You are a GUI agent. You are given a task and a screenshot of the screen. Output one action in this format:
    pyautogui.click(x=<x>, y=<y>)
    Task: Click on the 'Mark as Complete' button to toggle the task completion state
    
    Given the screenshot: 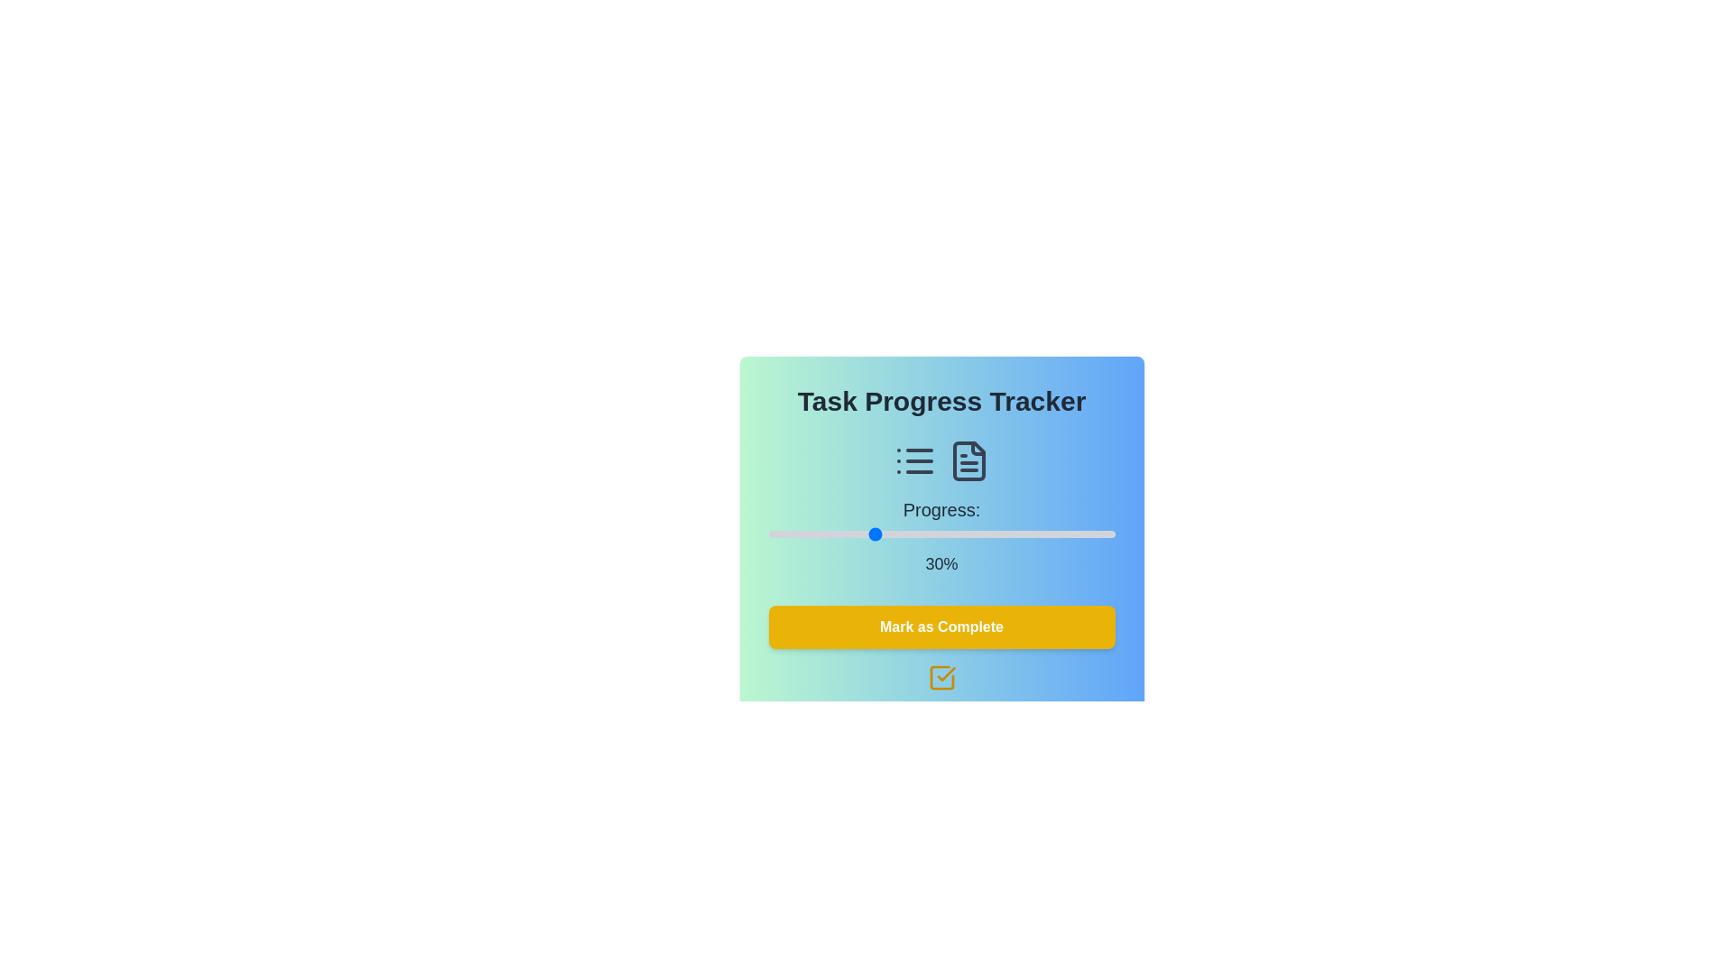 What is the action you would take?
    pyautogui.click(x=941, y=626)
    